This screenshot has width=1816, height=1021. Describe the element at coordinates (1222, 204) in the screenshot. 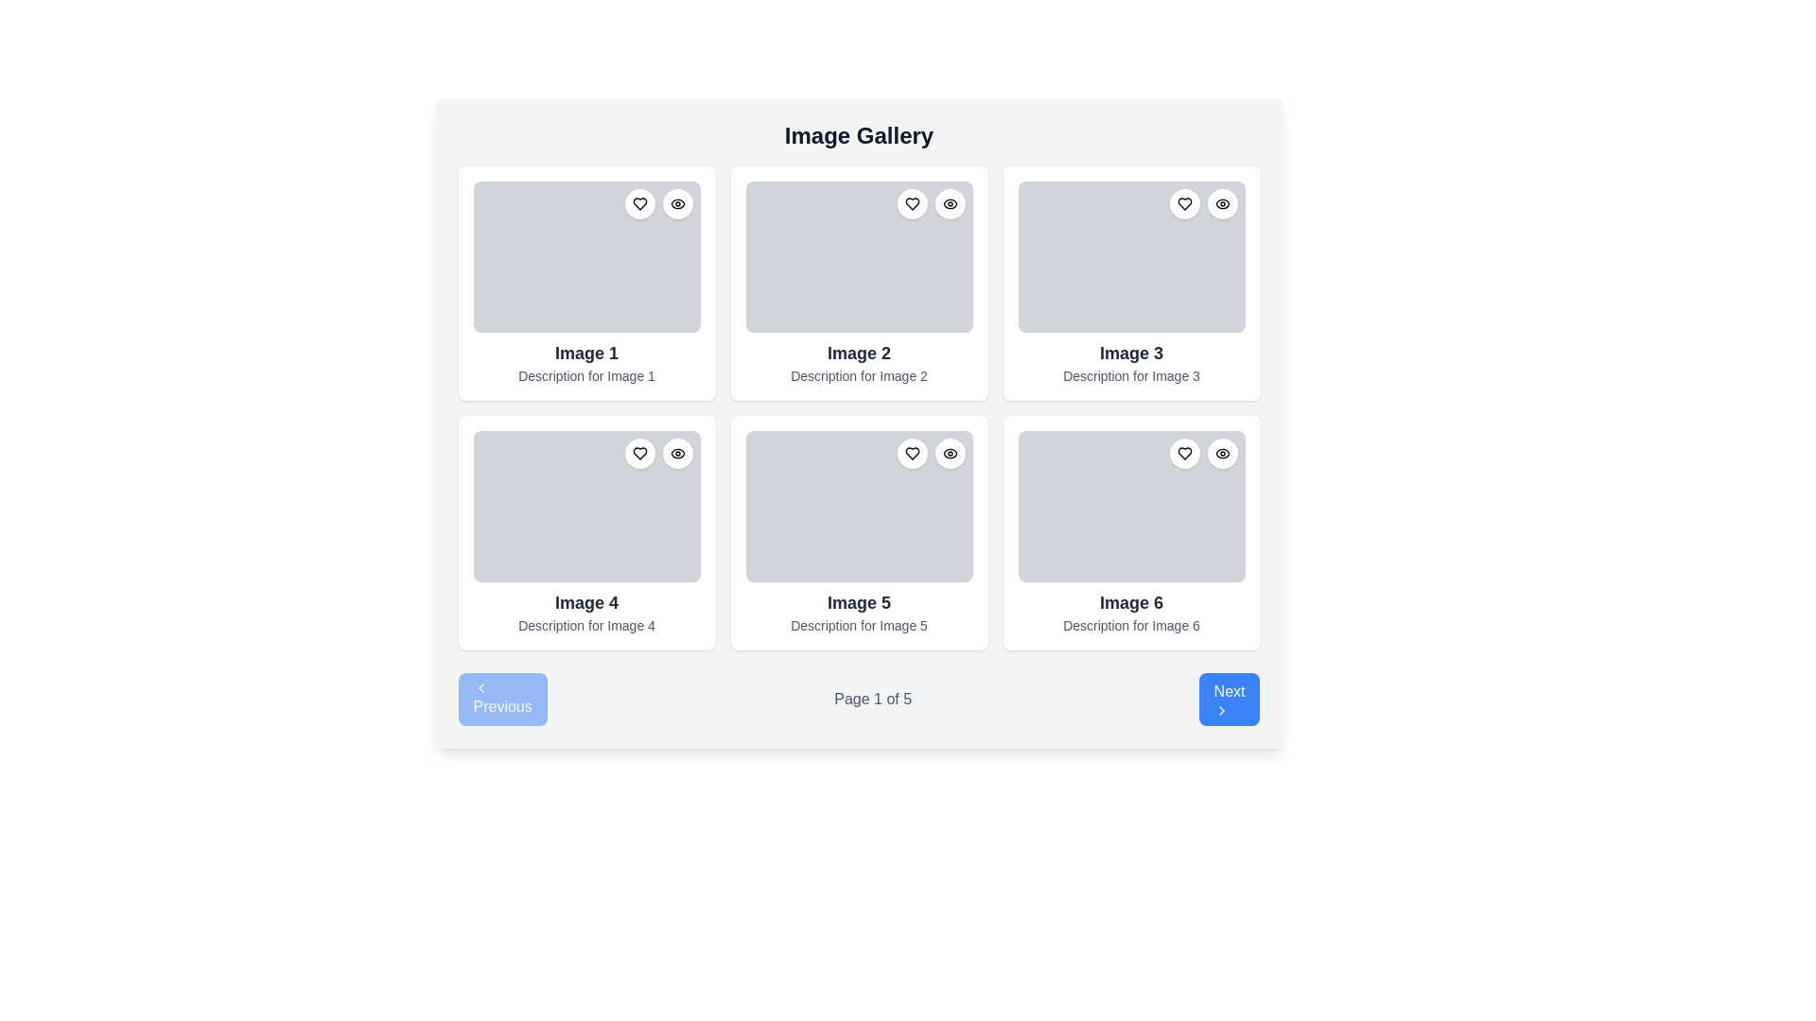

I see `the eye icon button located in the top-right corner of the card labeled 'Image 3'` at that location.